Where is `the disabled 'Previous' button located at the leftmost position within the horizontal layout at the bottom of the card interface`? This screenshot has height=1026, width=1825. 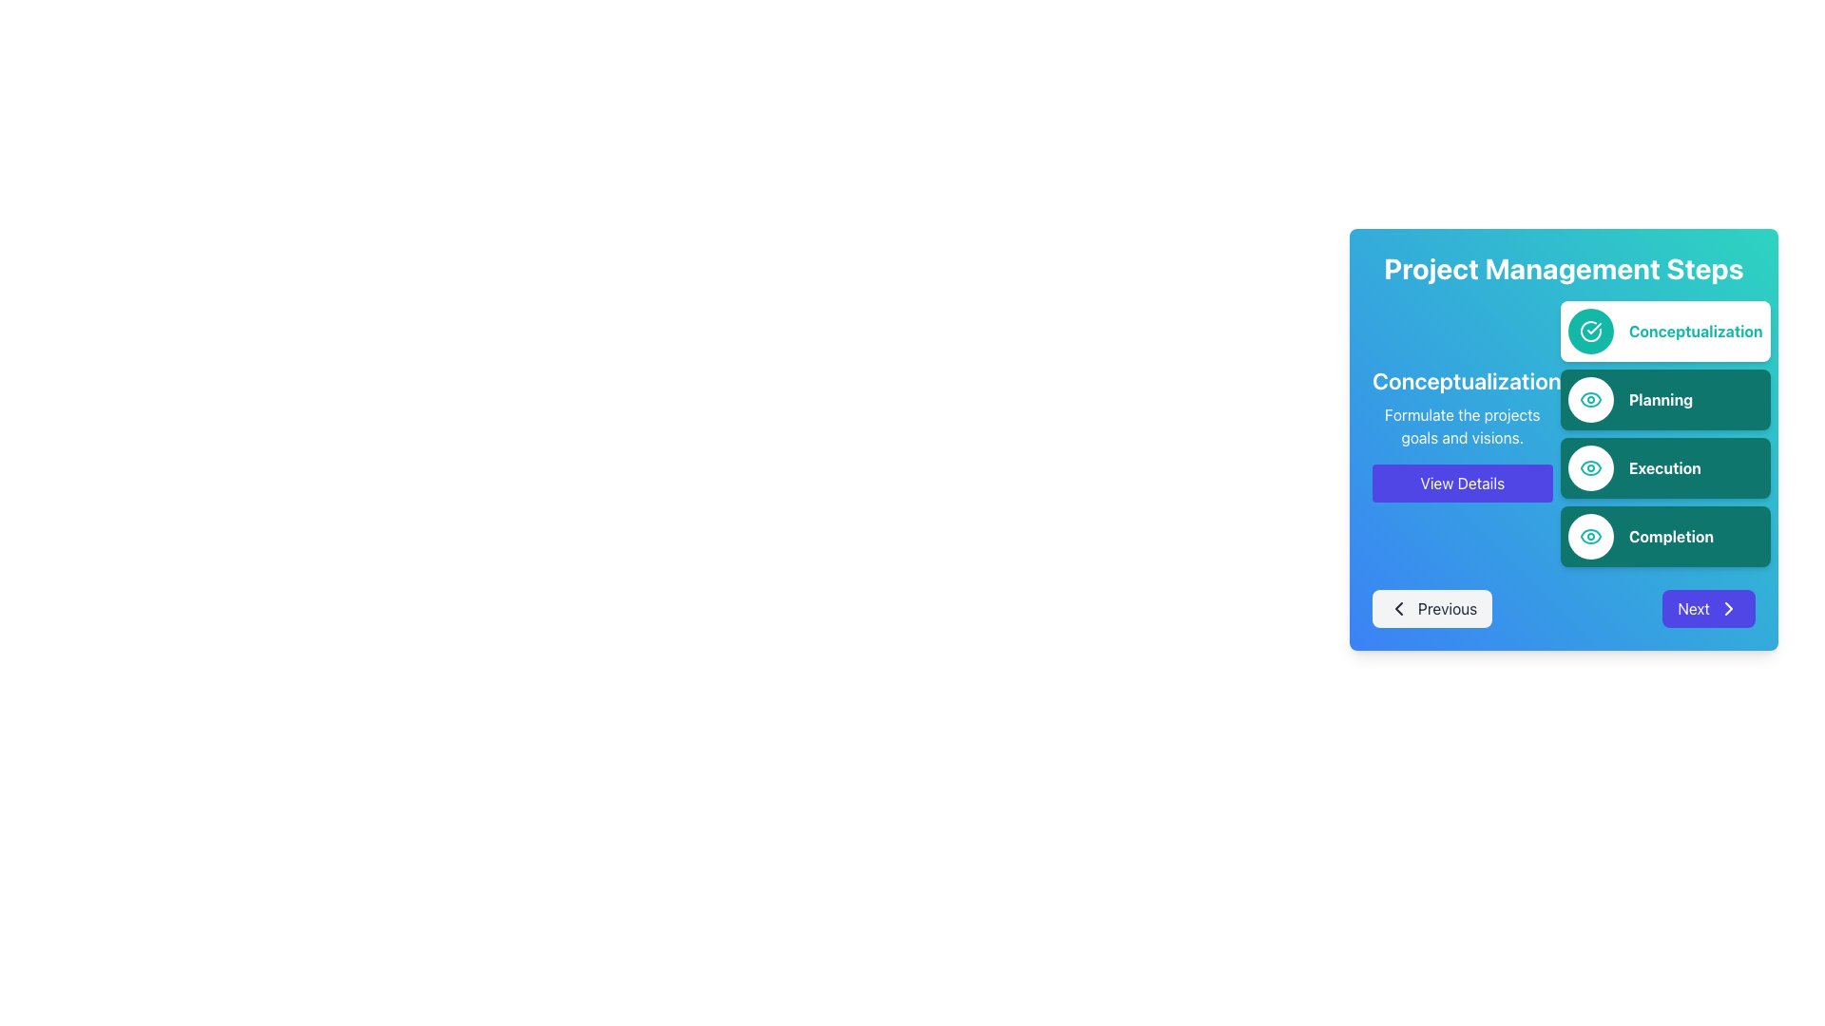 the disabled 'Previous' button located at the leftmost position within the horizontal layout at the bottom of the card interface is located at coordinates (1432, 608).